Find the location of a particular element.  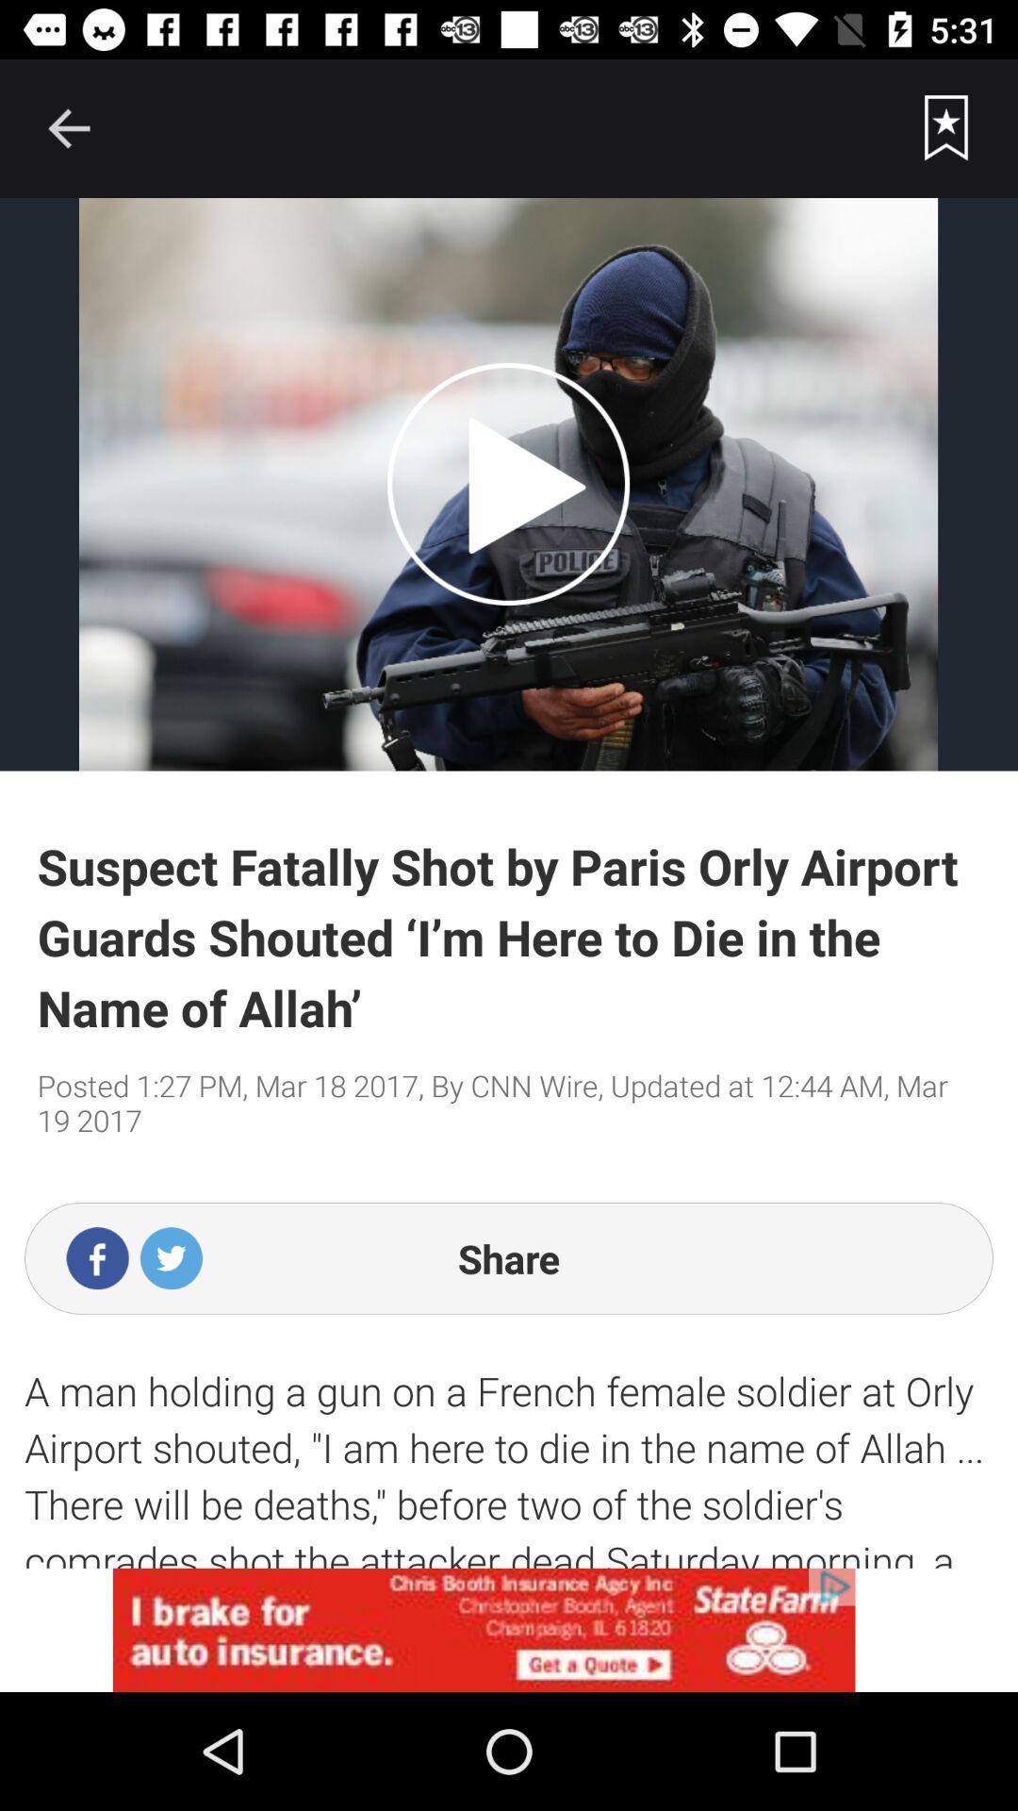

the bookmark icon is located at coordinates (946, 127).